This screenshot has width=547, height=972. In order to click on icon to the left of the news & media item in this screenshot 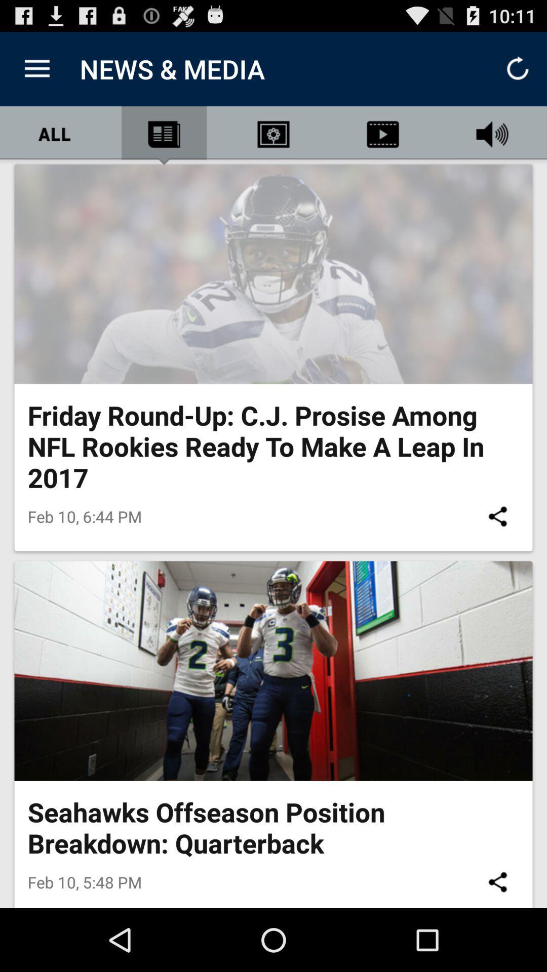, I will do `click(36, 68)`.